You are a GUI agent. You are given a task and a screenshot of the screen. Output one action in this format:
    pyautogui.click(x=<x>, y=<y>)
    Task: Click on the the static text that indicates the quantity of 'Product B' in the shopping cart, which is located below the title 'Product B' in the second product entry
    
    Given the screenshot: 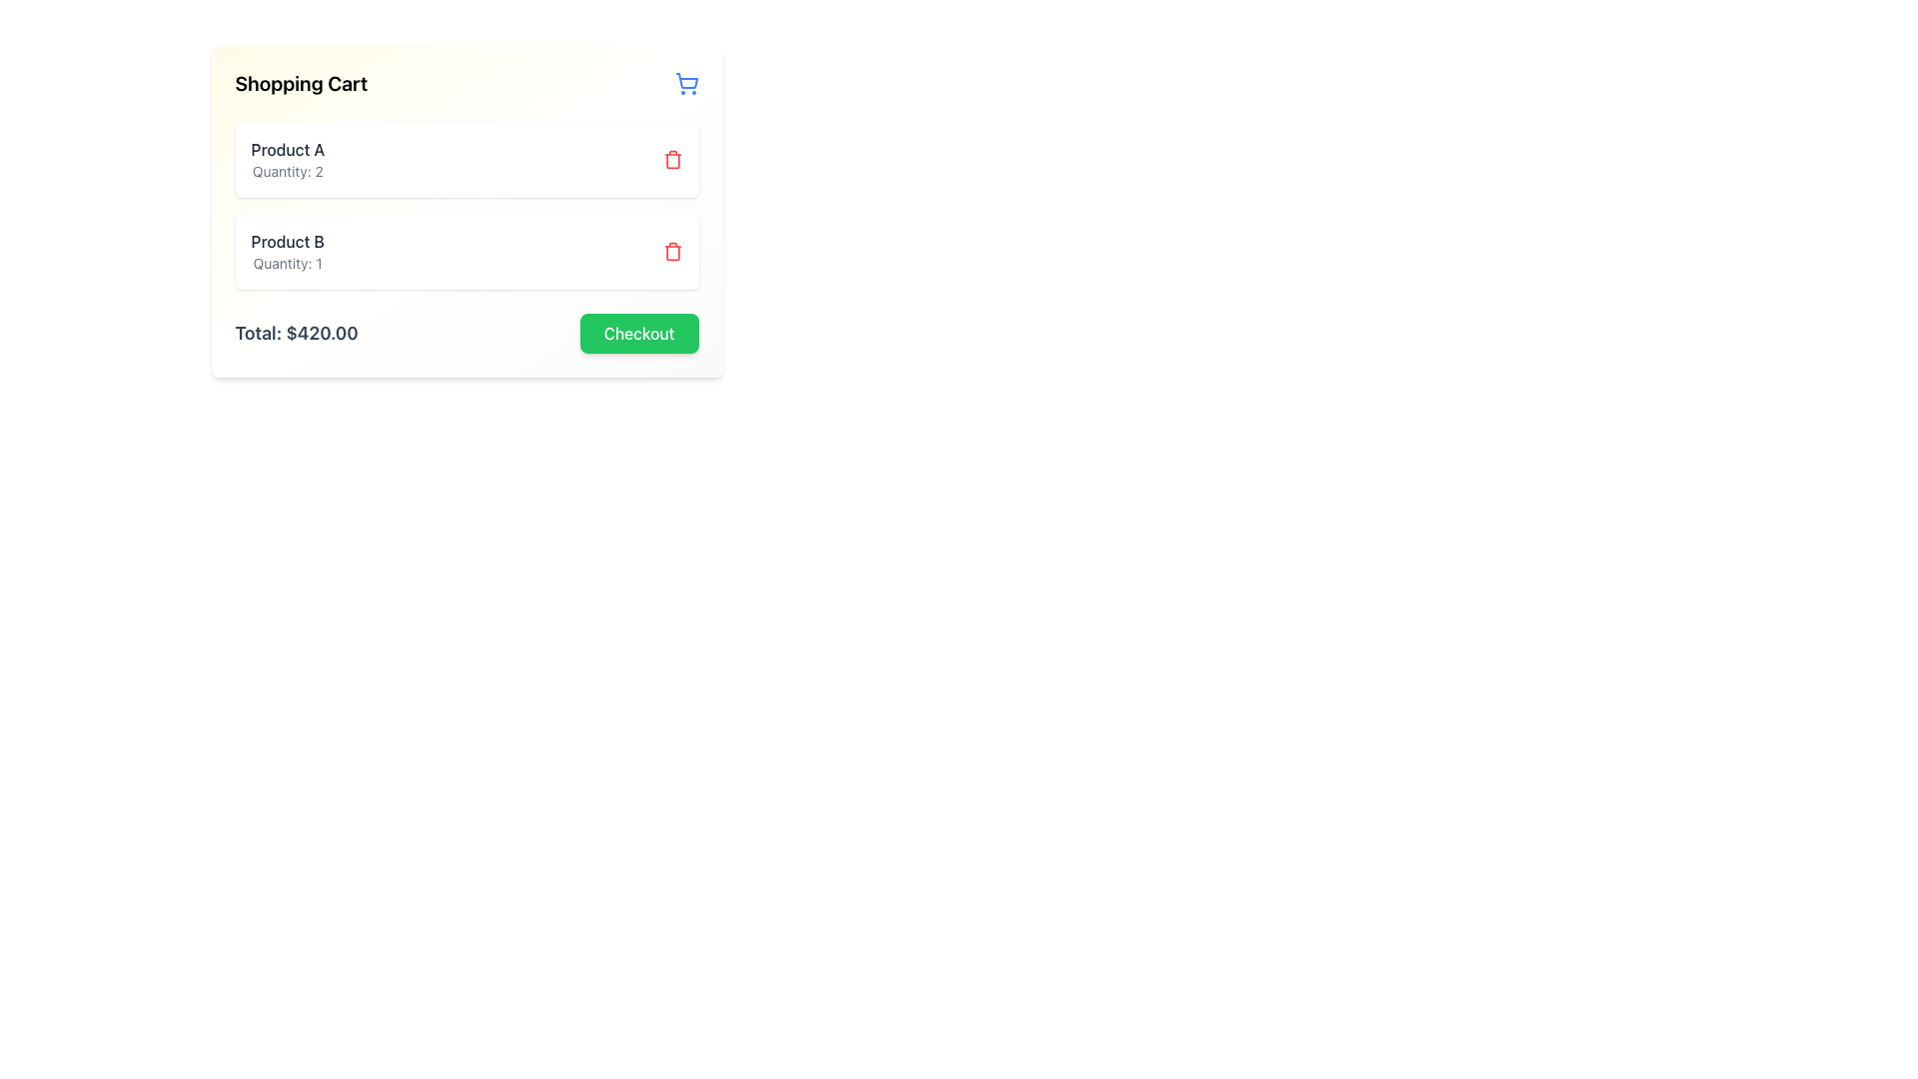 What is the action you would take?
    pyautogui.click(x=287, y=262)
    